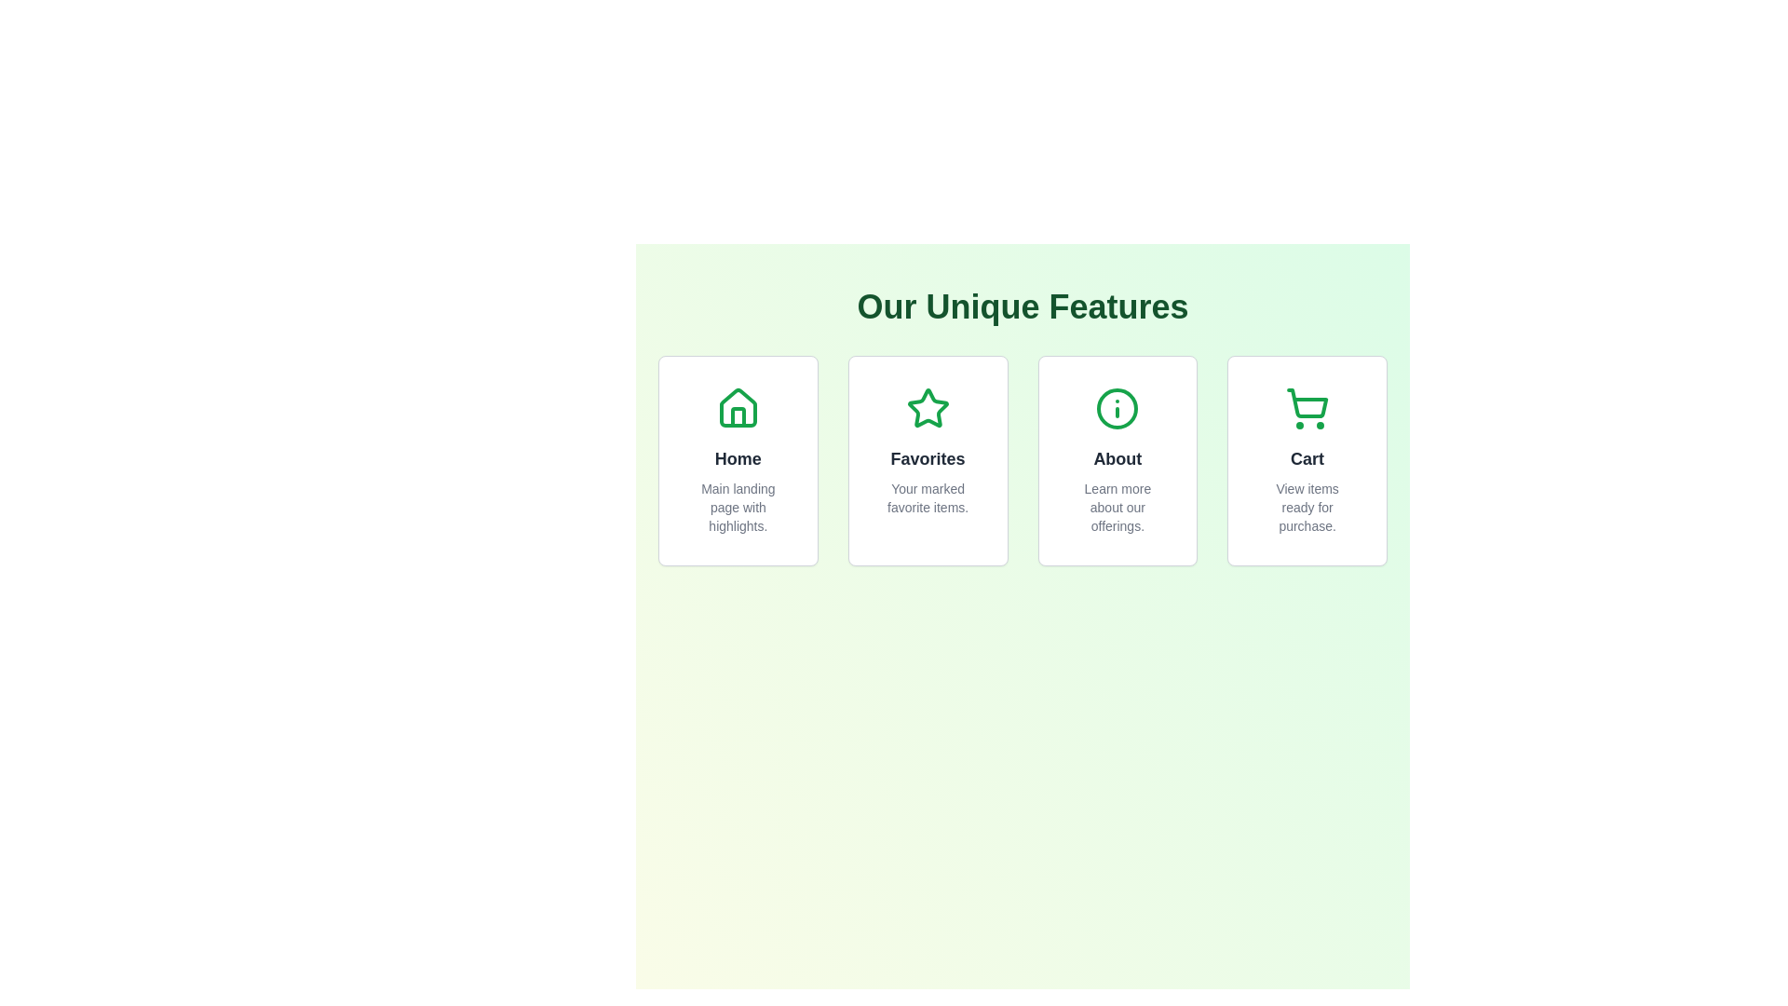 This screenshot has width=1788, height=1006. Describe the element at coordinates (737, 415) in the screenshot. I see `the house icon in the top-left portion of the interface, which represents the 'Home' feature` at that location.